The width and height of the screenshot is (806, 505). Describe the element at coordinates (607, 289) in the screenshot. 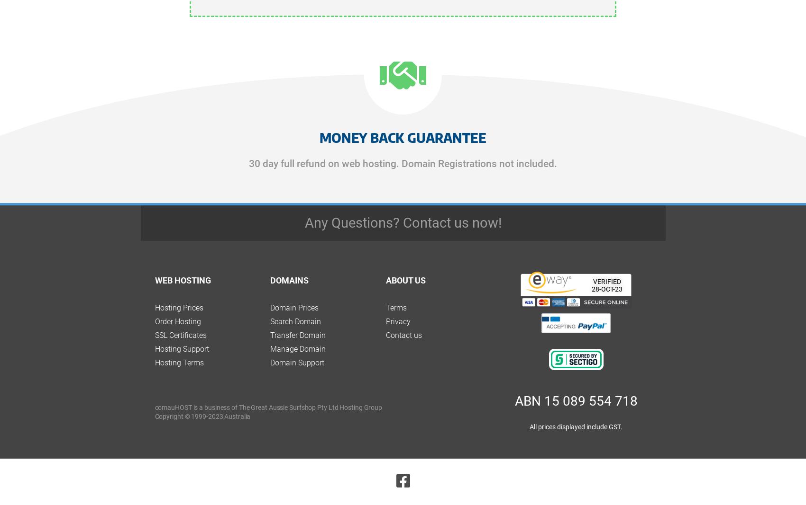

I see `'28-Oct-23'` at that location.